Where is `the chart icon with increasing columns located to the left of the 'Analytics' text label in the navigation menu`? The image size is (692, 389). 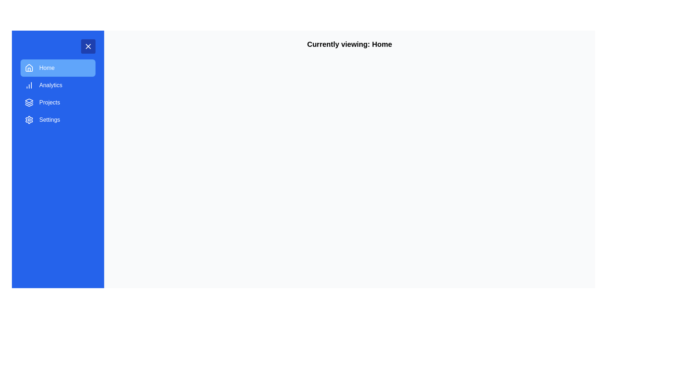
the chart icon with increasing columns located to the left of the 'Analytics' text label in the navigation menu is located at coordinates (29, 85).